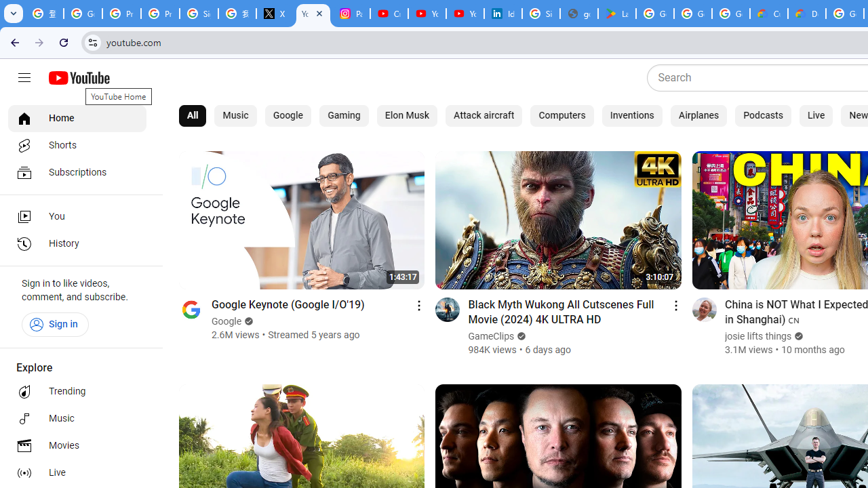 This screenshot has height=488, width=868. Describe the element at coordinates (631, 115) in the screenshot. I see `'Inventions'` at that location.